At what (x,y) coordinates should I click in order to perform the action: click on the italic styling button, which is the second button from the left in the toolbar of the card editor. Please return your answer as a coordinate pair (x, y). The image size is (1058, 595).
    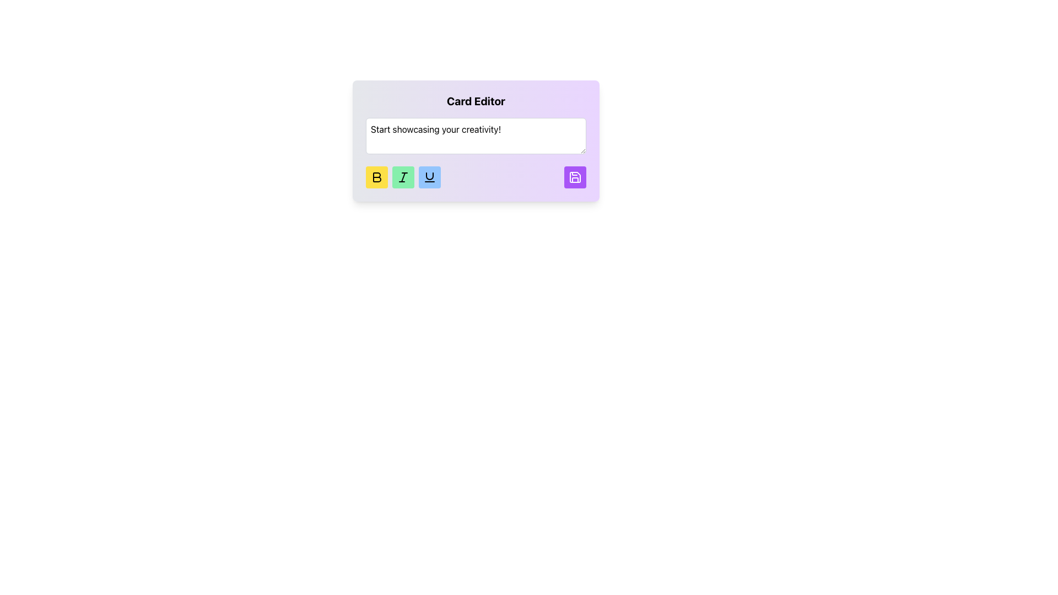
    Looking at the image, I should click on (402, 176).